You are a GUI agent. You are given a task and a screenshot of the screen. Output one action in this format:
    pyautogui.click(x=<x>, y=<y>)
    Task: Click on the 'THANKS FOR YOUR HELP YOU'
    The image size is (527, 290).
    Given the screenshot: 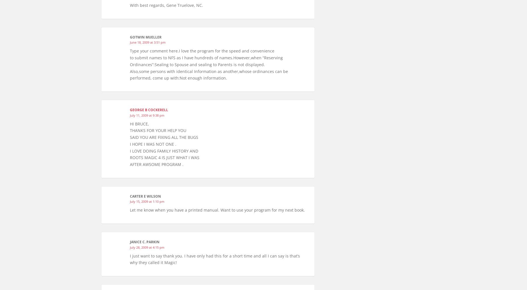 What is the action you would take?
    pyautogui.click(x=130, y=130)
    